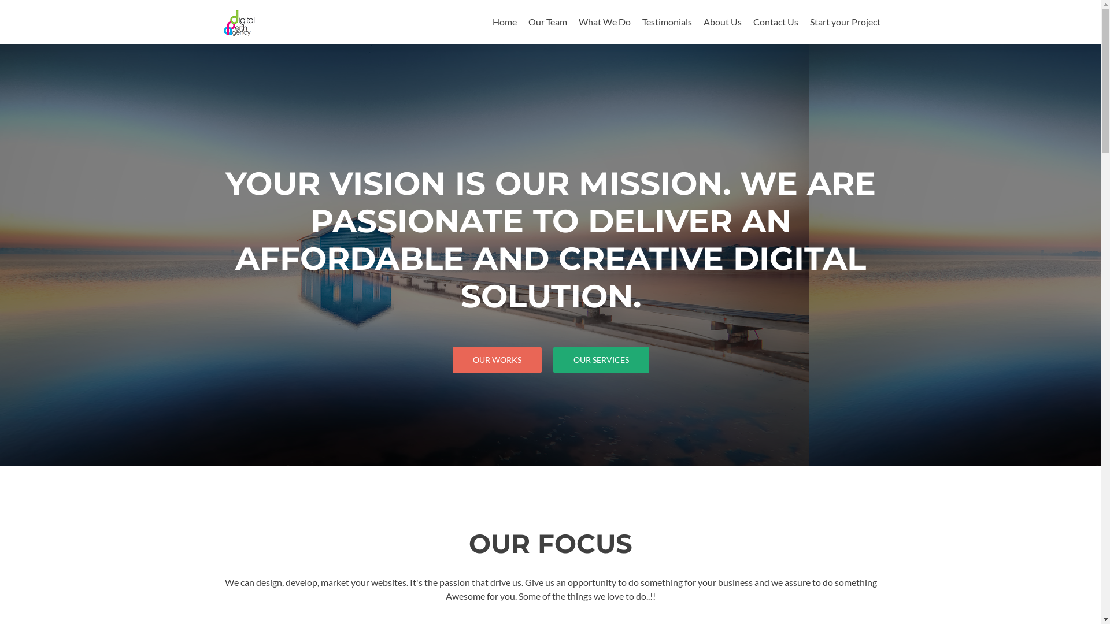 The width and height of the screenshot is (1110, 624). What do you see at coordinates (600, 359) in the screenshot?
I see `'OUR SERVICES'` at bounding box center [600, 359].